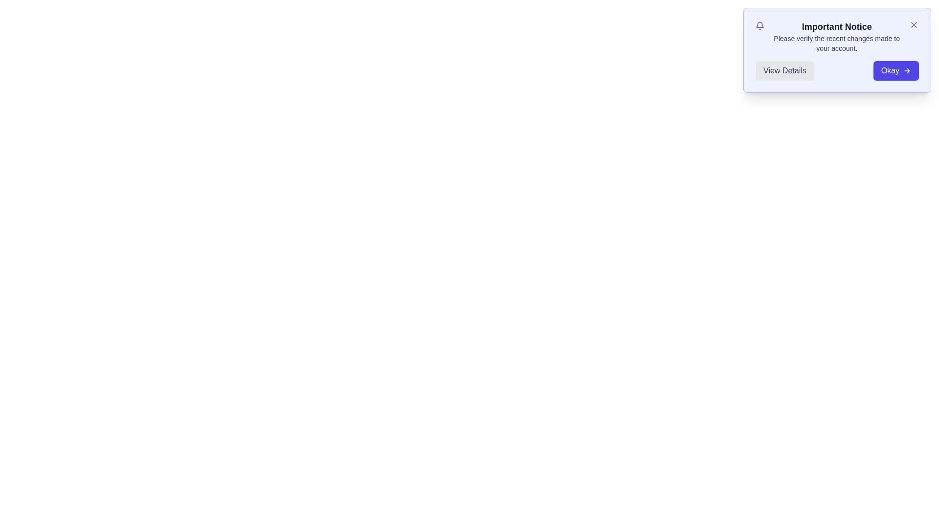 The height and width of the screenshot is (528, 939). What do you see at coordinates (896, 70) in the screenshot?
I see `the 'Okay' button to acknowledge the notification` at bounding box center [896, 70].